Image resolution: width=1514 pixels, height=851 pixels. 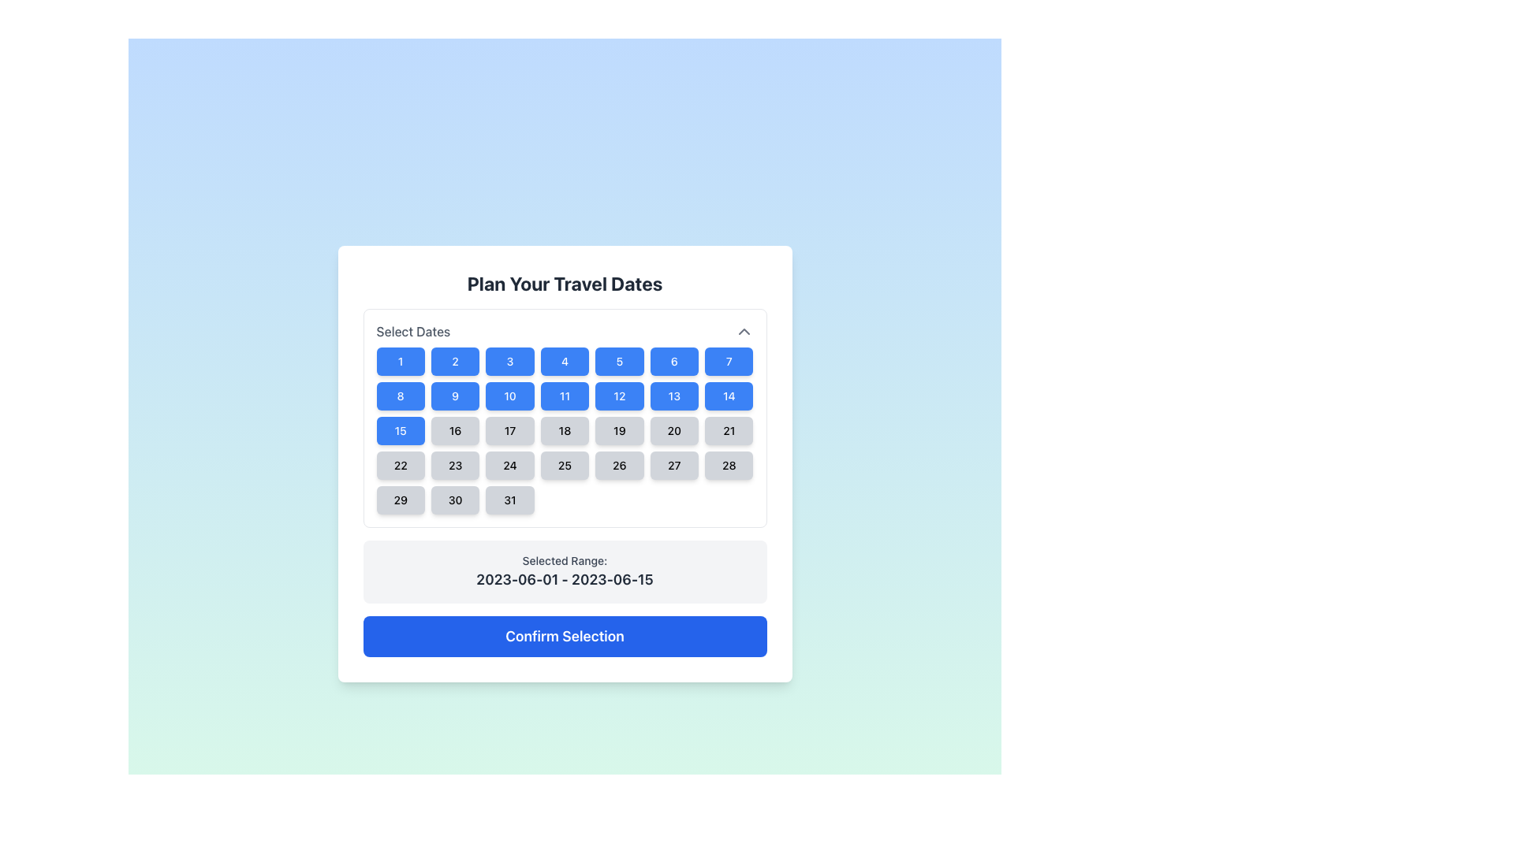 What do you see at coordinates (510, 431) in the screenshot?
I see `the rounded button representing the selectable date (17th) in the calendar-style interface` at bounding box center [510, 431].